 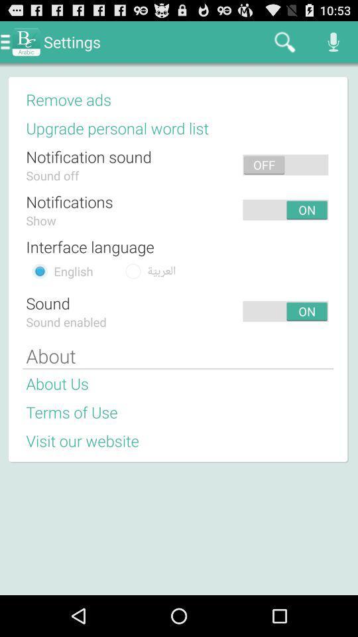 What do you see at coordinates (89, 246) in the screenshot?
I see `interface language` at bounding box center [89, 246].